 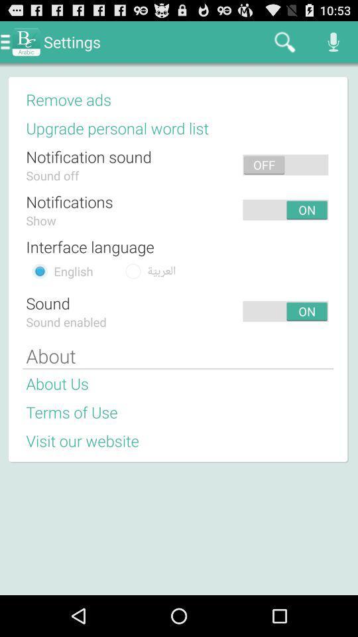 What do you see at coordinates (89, 246) in the screenshot?
I see `interface language` at bounding box center [89, 246].